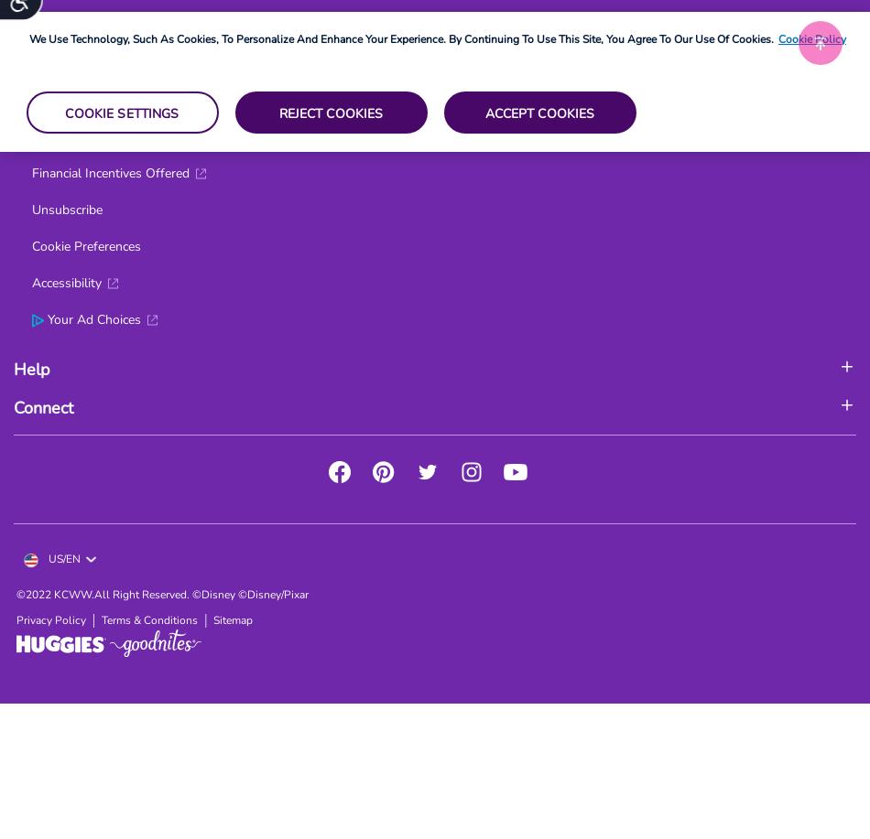 This screenshot has height=839, width=870. What do you see at coordinates (62, 557) in the screenshot?
I see `'US/EN'` at bounding box center [62, 557].